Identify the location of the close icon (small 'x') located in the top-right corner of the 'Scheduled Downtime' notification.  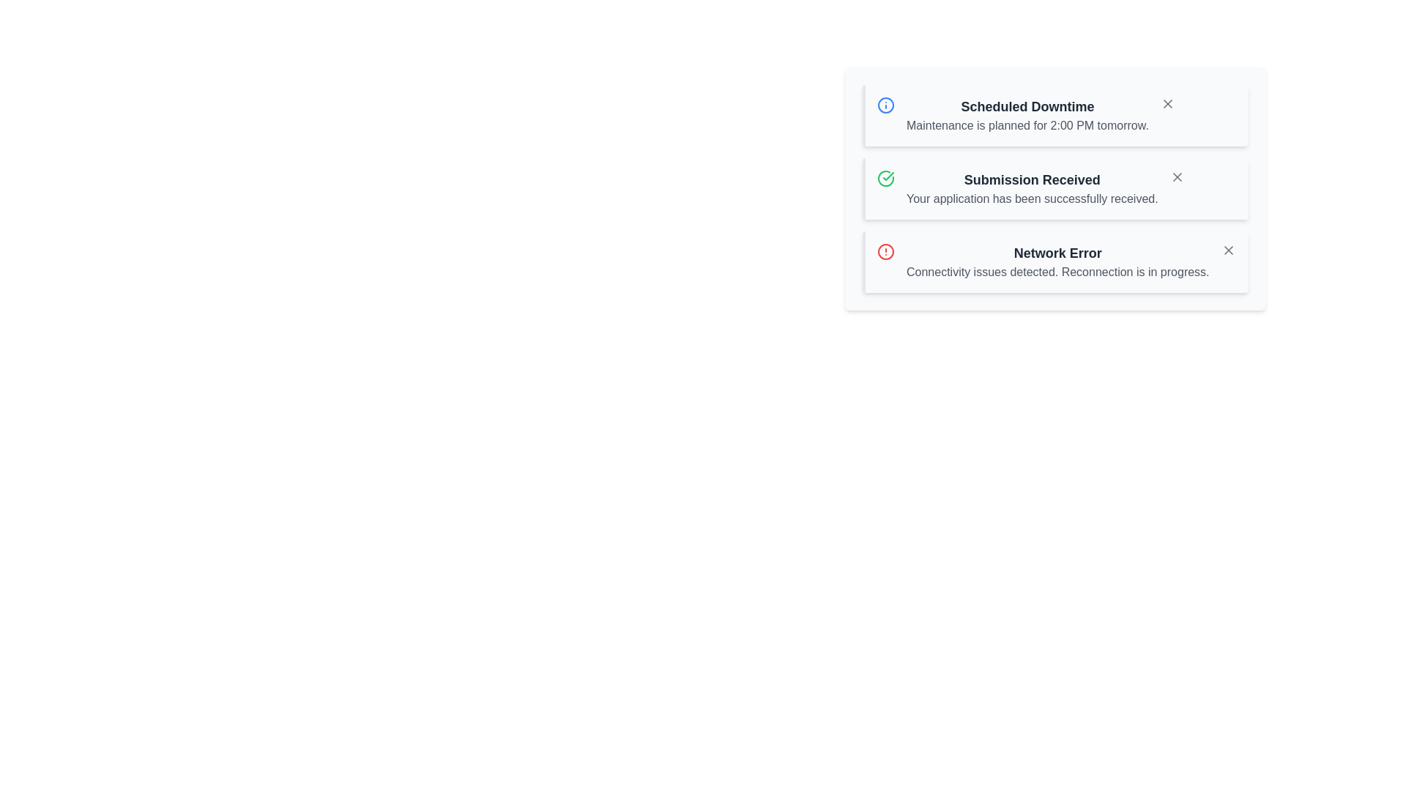
(1167, 103).